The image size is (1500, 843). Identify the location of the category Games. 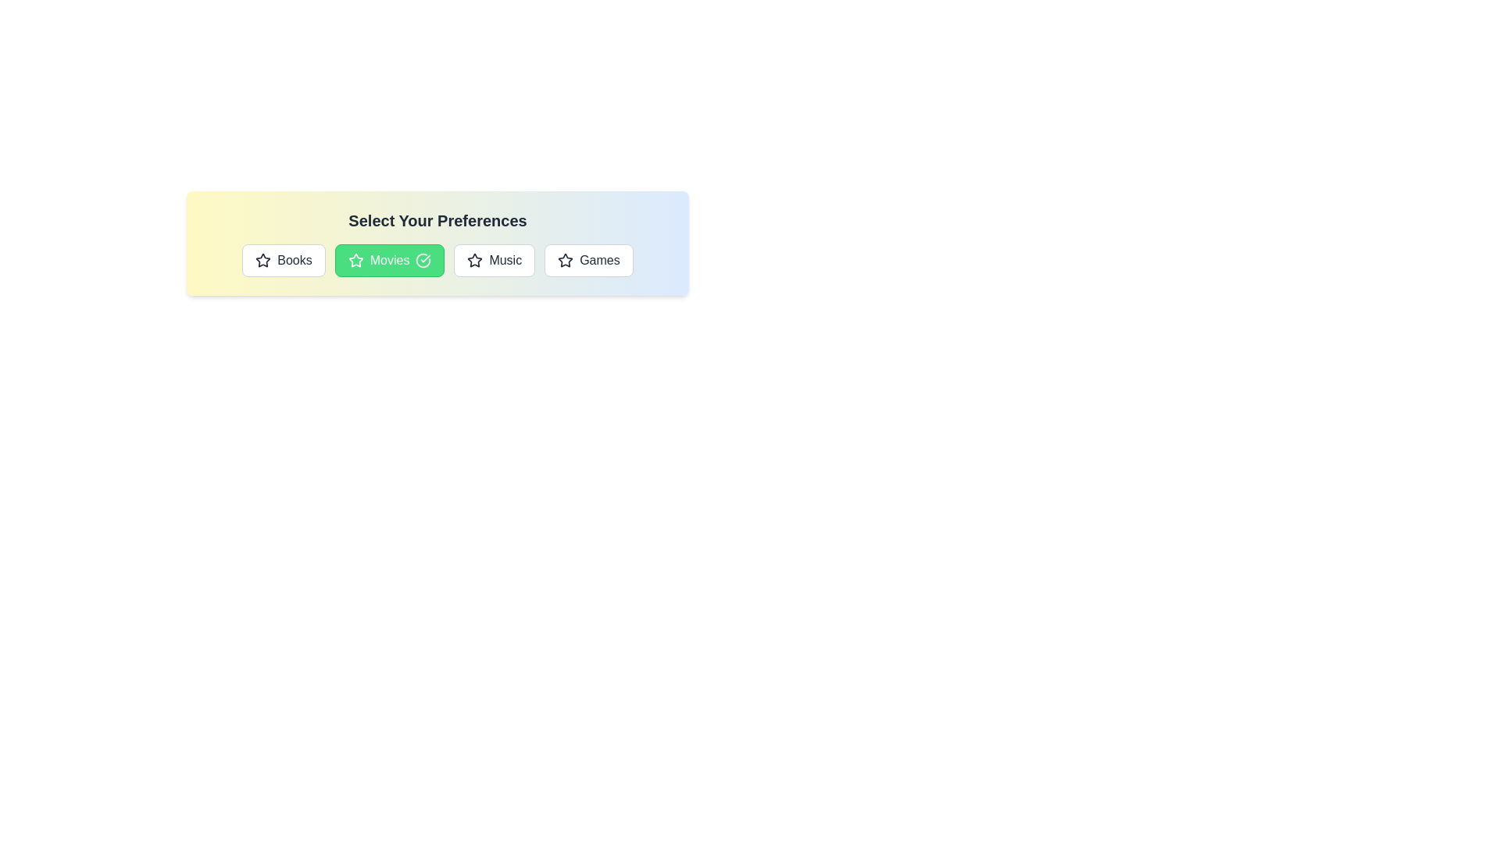
(587, 260).